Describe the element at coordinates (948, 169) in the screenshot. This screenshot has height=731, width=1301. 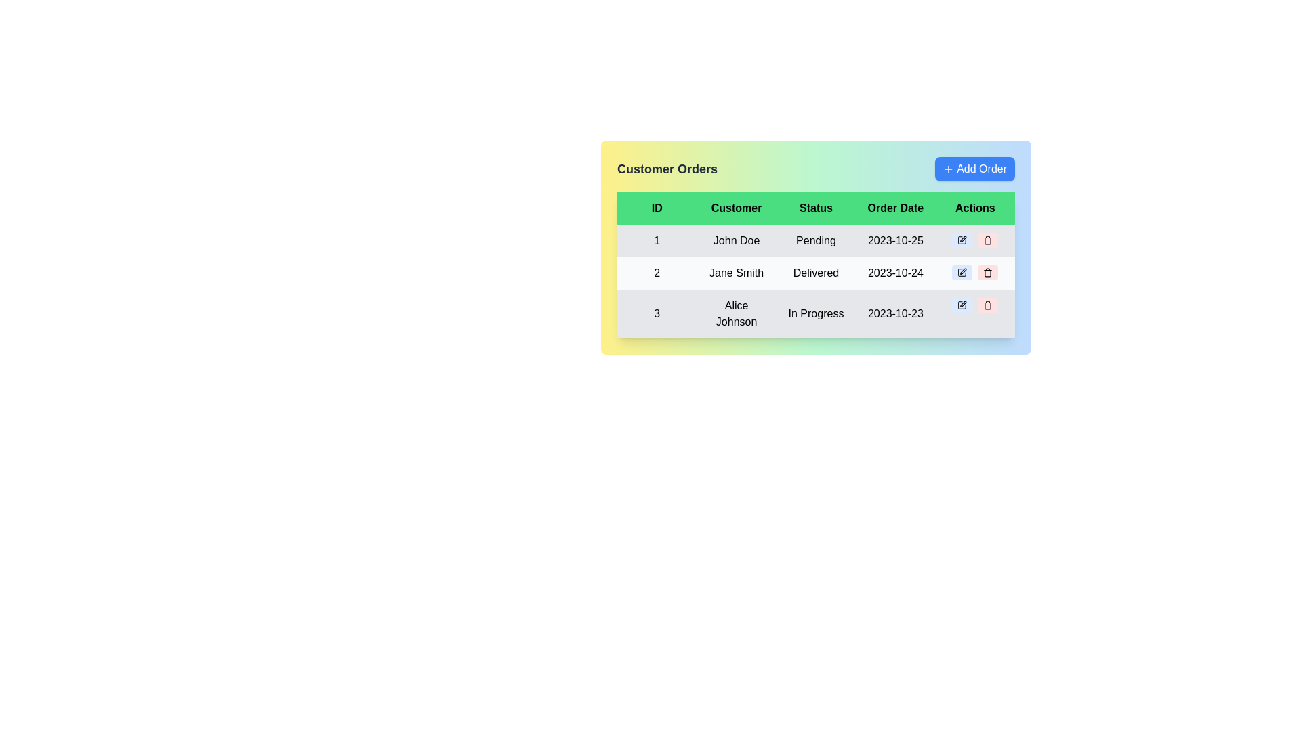
I see `the 'Add Order' button which contains the decorative icon for adding a new order, located to the left of the text label` at that location.